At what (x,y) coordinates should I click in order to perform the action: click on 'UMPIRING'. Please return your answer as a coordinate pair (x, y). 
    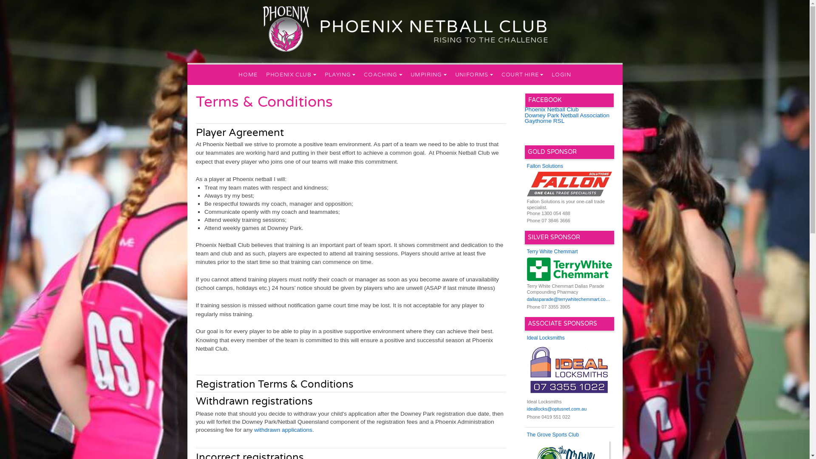
    Looking at the image, I should click on (428, 74).